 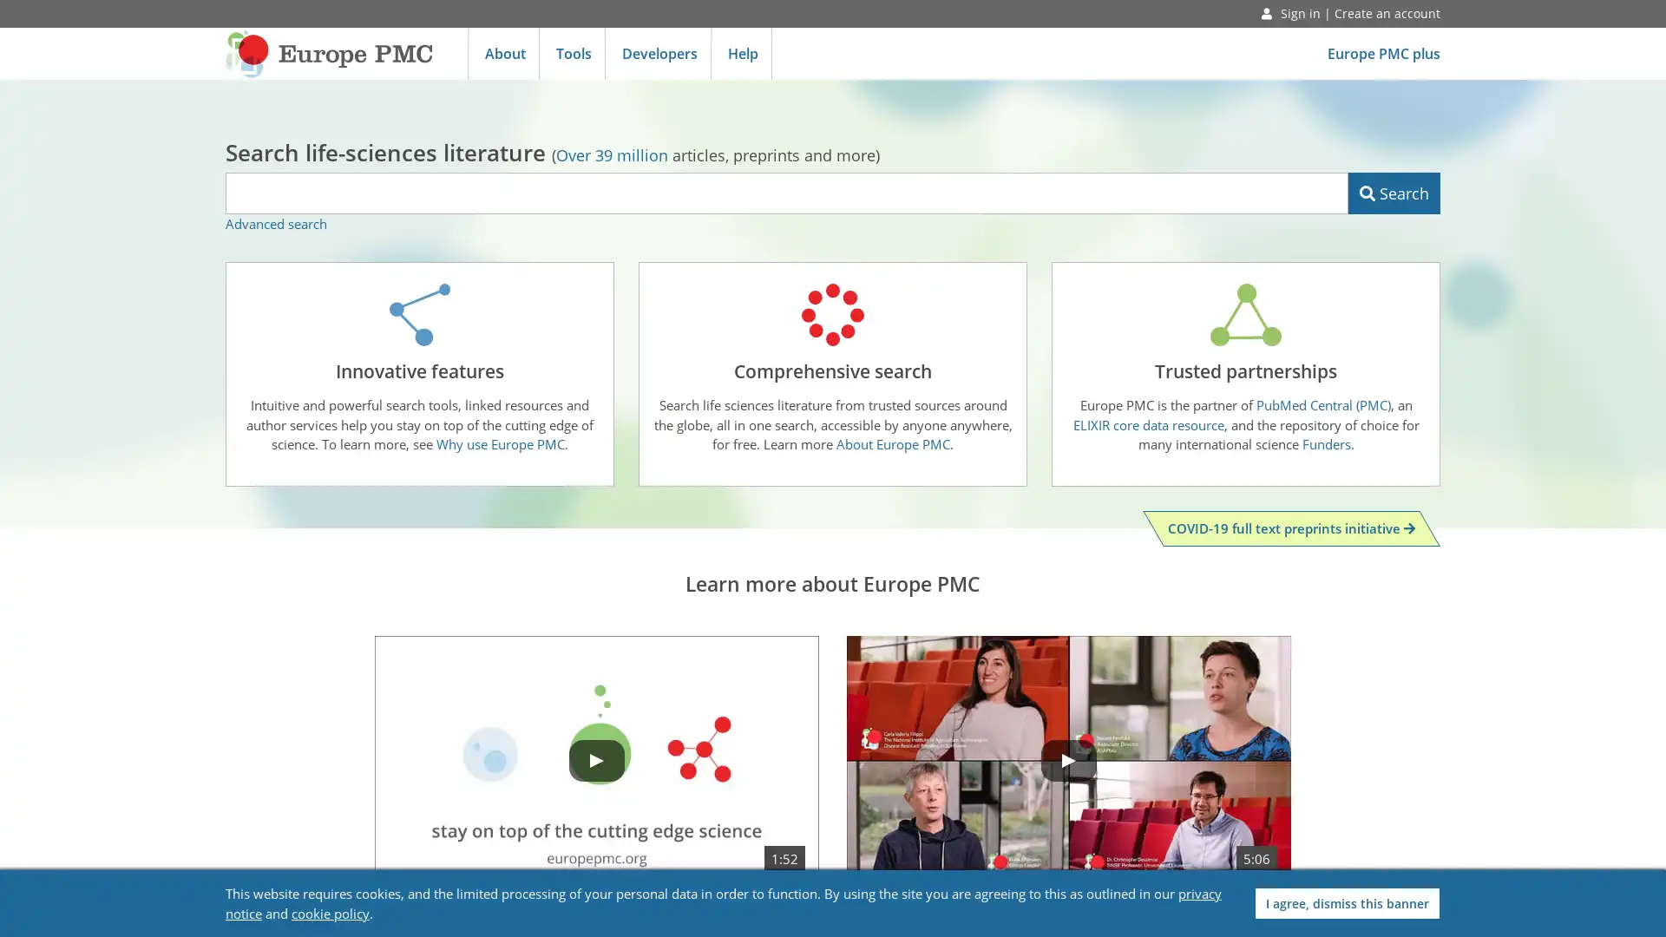 I want to click on Search, so click(x=1394, y=193).